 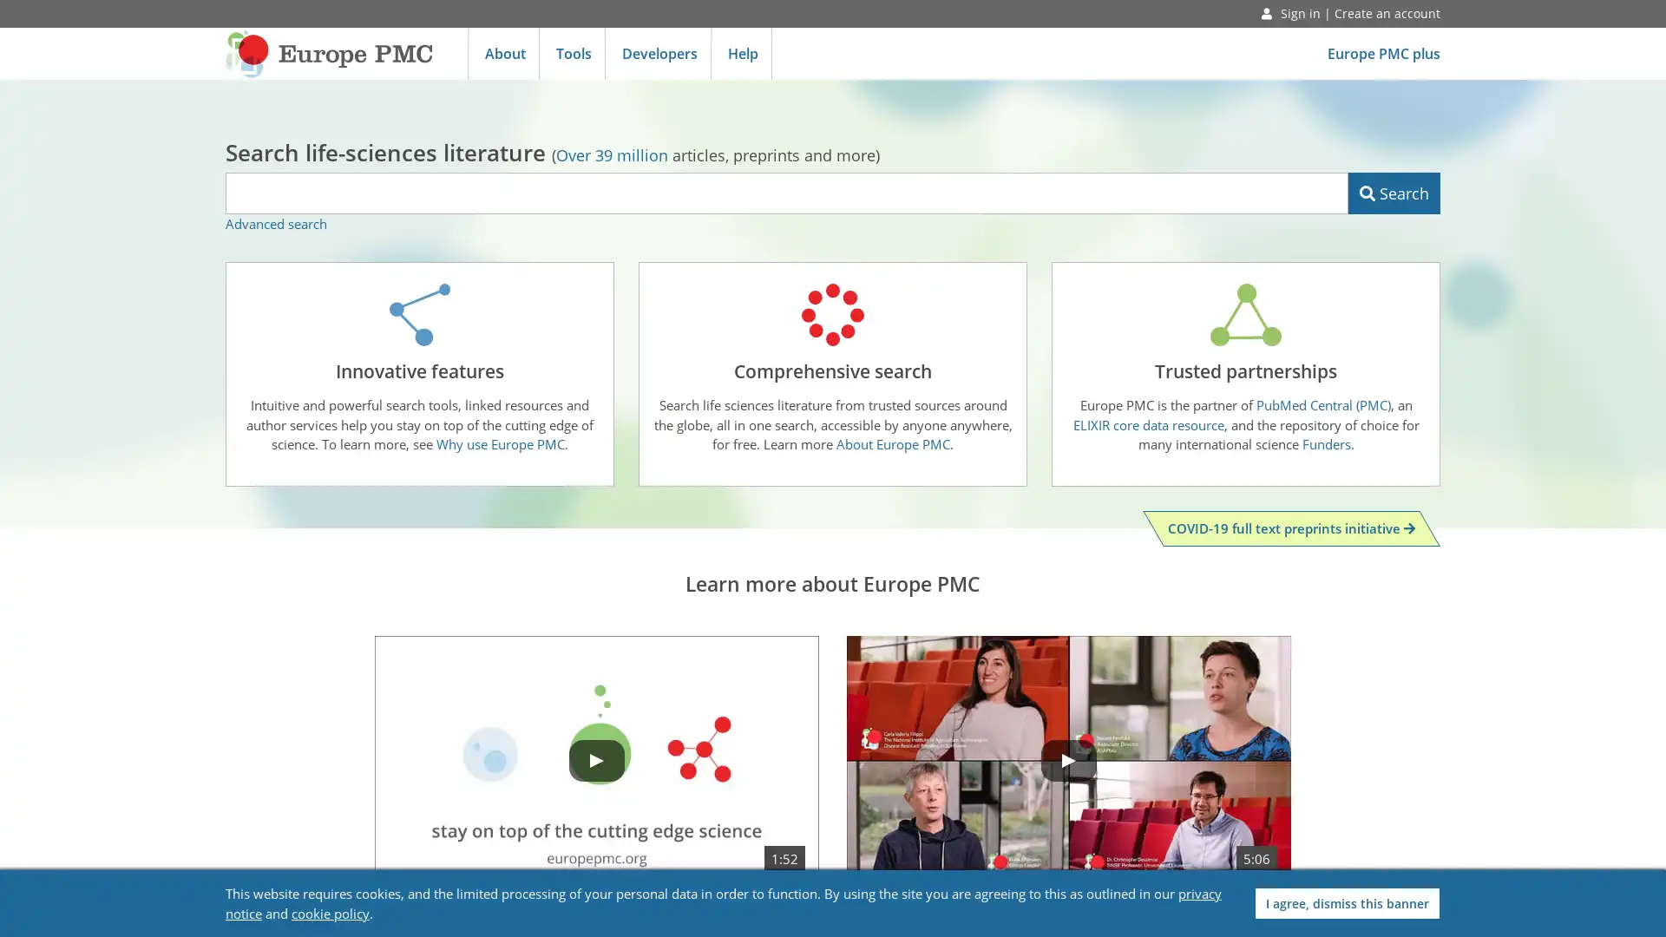 I want to click on Search, so click(x=1394, y=193).